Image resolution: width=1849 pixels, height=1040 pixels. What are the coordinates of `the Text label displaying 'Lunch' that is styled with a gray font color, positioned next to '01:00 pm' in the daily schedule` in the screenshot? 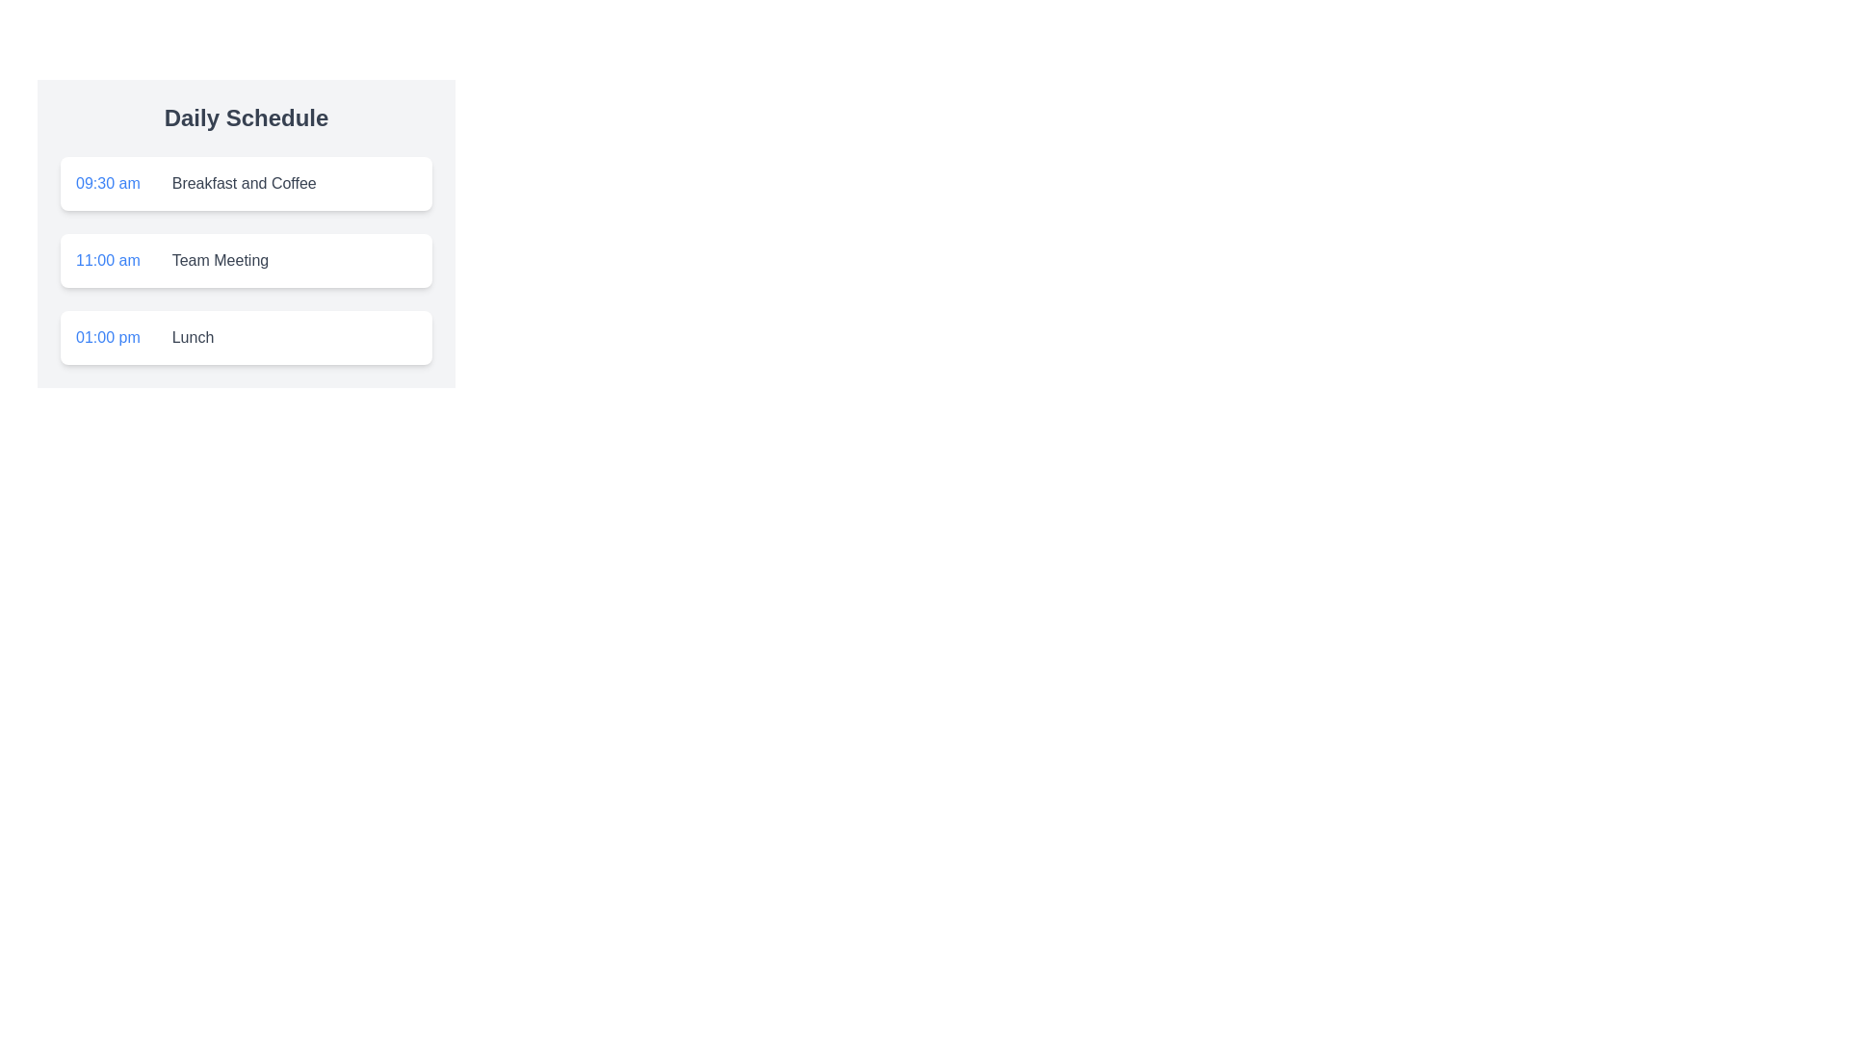 It's located at (185, 337).